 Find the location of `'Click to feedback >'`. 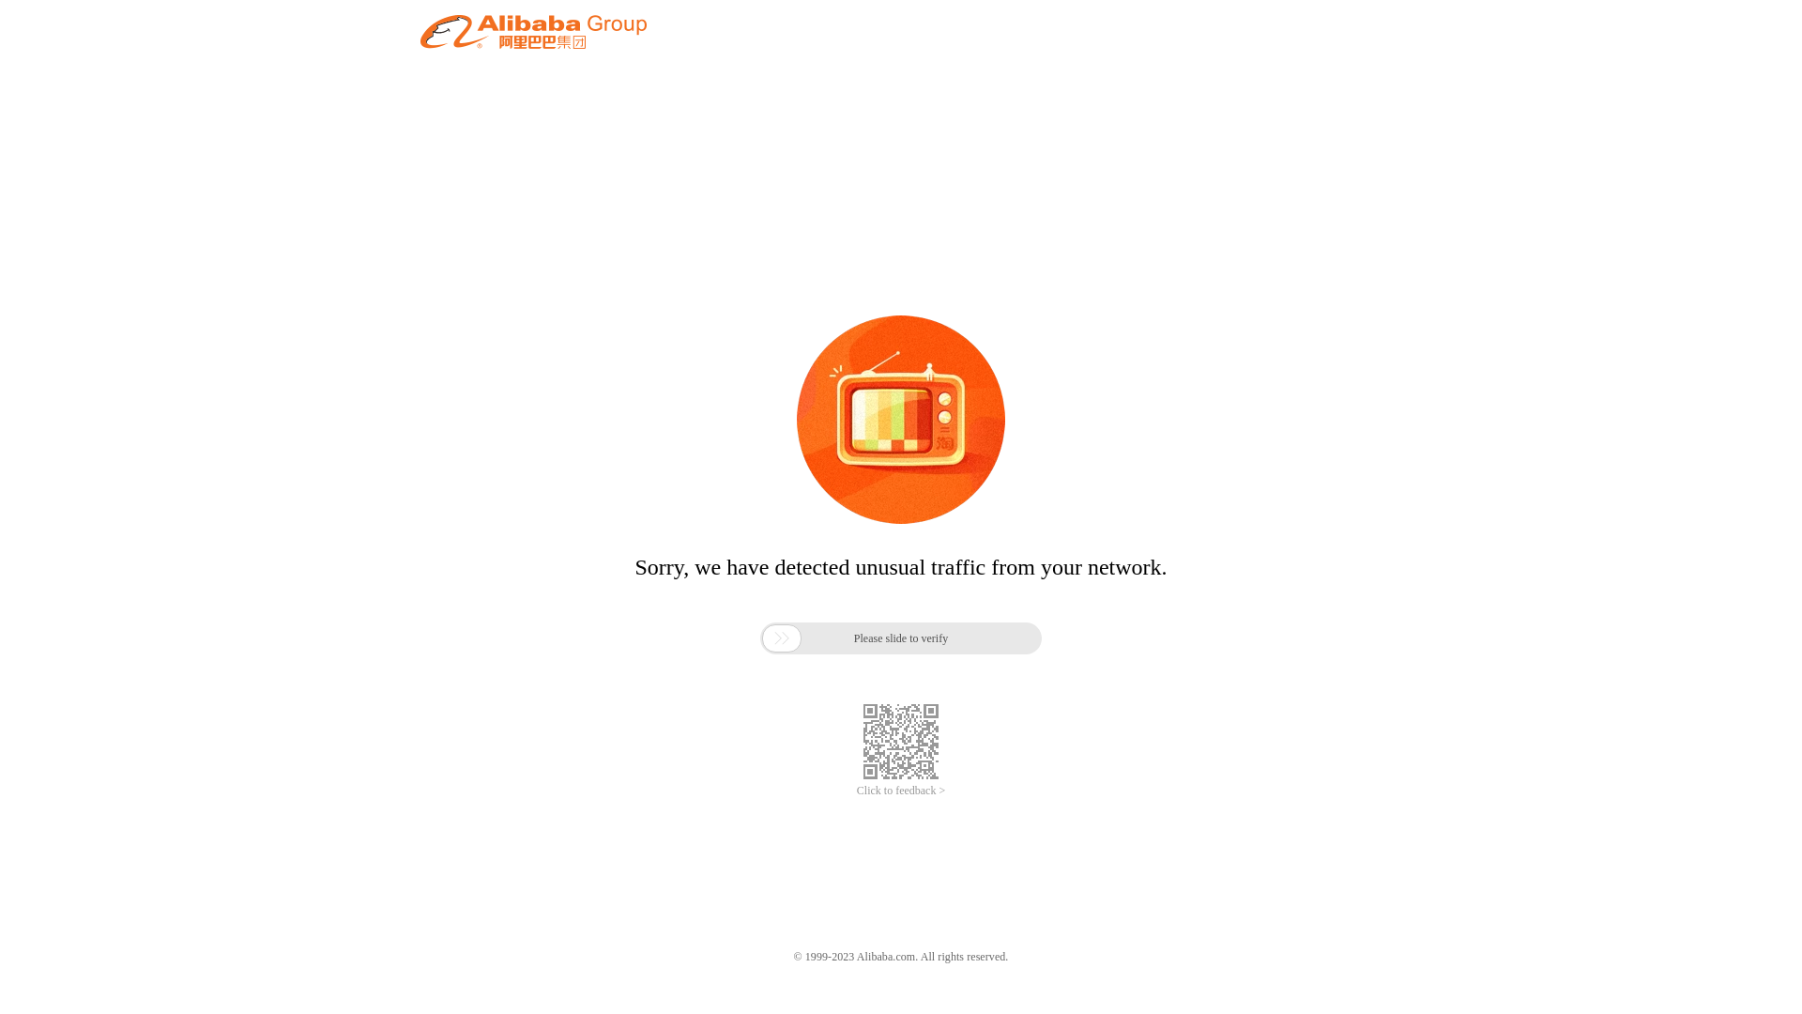

'Click to feedback >' is located at coordinates (901, 791).